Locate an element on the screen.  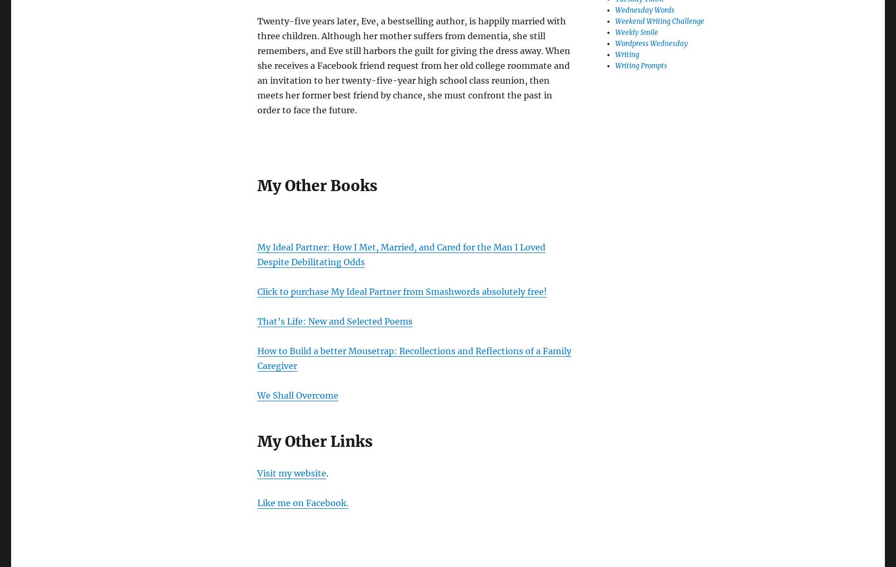
'.' is located at coordinates (326, 472).